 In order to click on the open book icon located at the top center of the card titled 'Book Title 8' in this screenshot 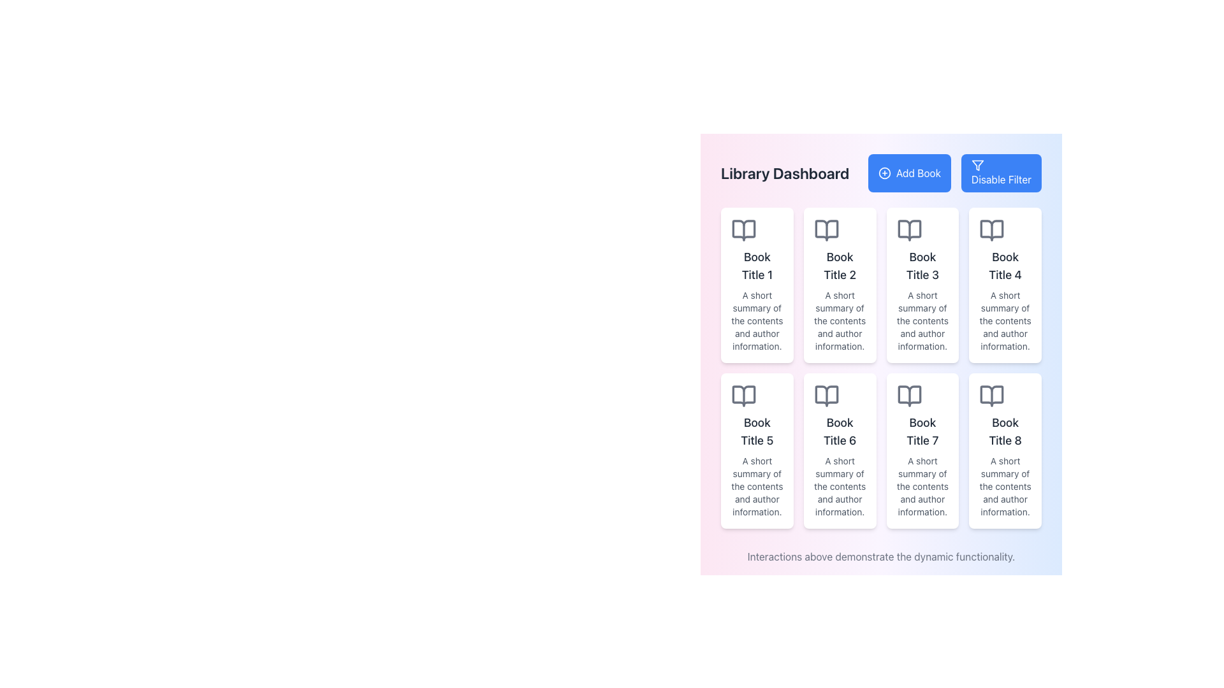, I will do `click(991, 395)`.